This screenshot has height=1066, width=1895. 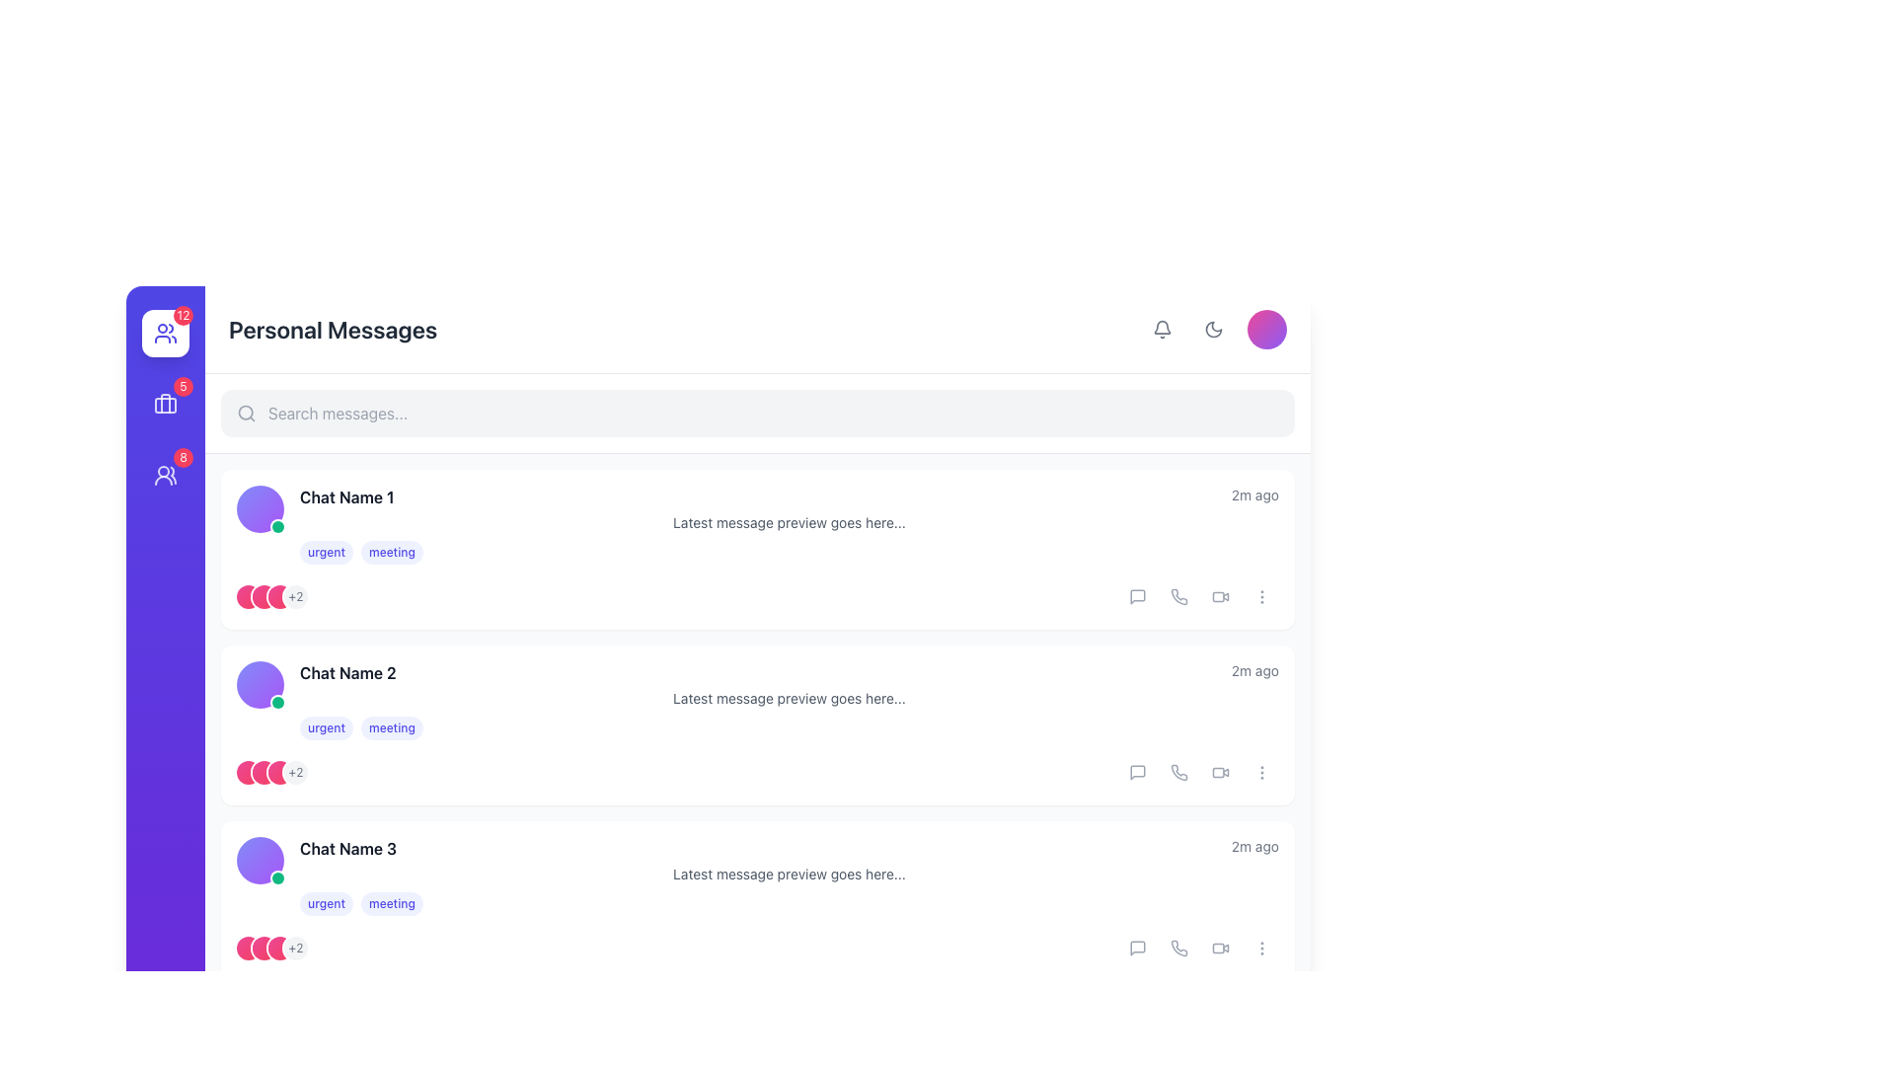 What do you see at coordinates (1162, 329) in the screenshot?
I see `the notification bell icon, which is a small, rounded button styled in gray that changes to a darker gray when hovered over, located near the top-right corner of the interface` at bounding box center [1162, 329].